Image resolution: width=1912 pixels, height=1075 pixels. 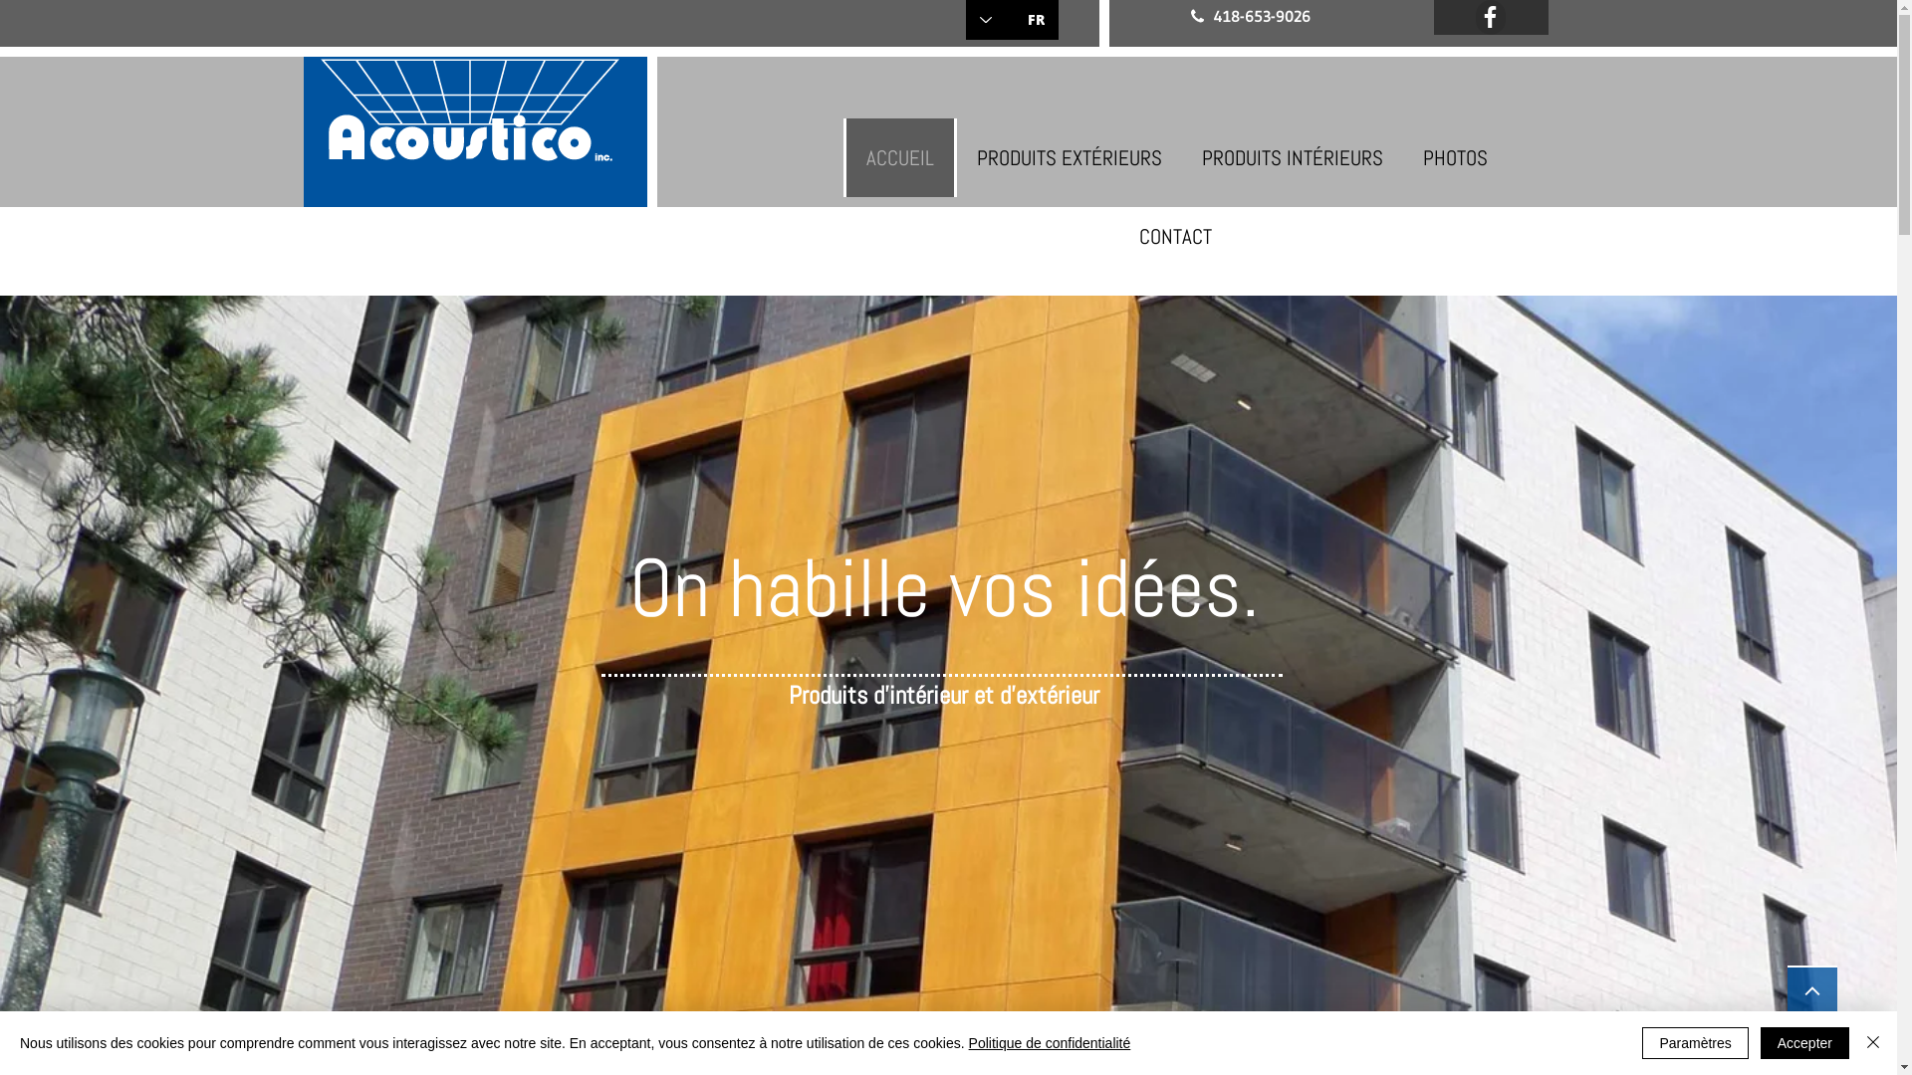 I want to click on 'ACCUEIL', so click(x=841, y=156).